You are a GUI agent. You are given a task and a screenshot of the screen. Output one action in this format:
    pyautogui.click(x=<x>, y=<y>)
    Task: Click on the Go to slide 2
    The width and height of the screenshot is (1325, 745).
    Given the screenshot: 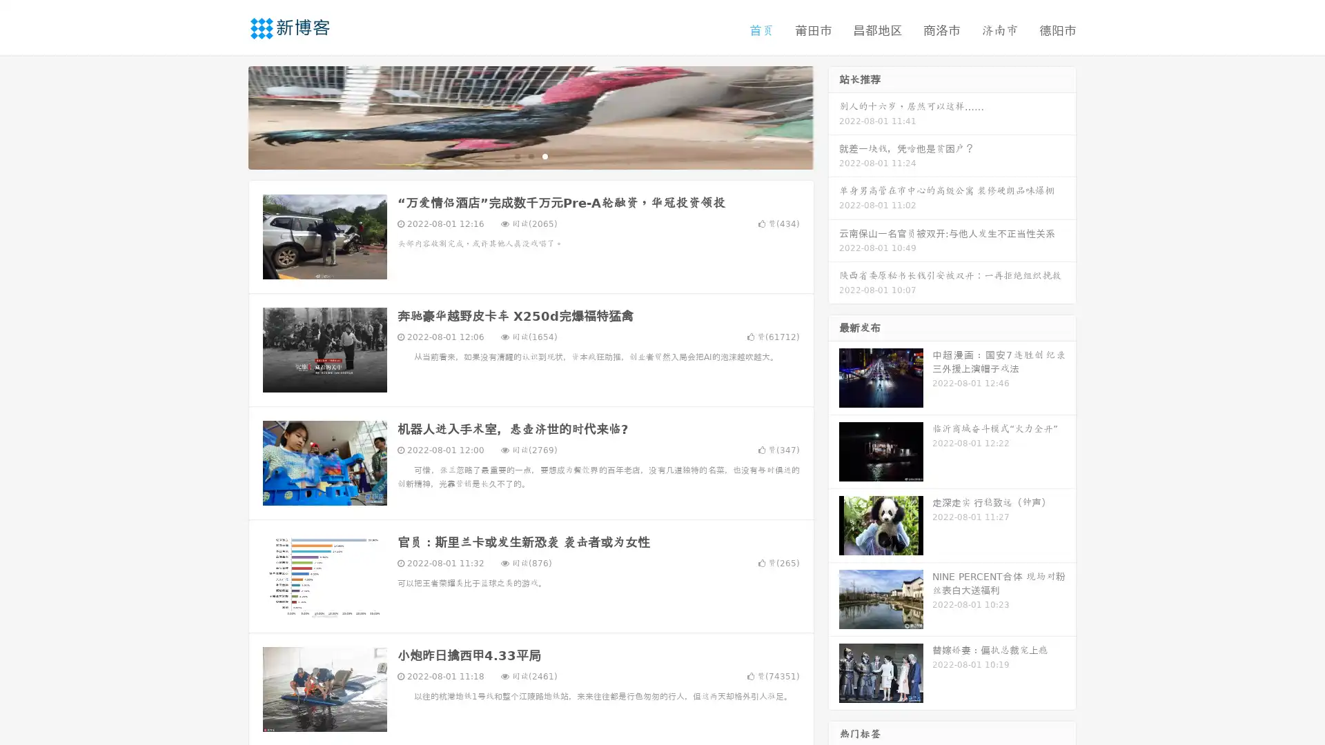 What is the action you would take?
    pyautogui.click(x=530, y=155)
    